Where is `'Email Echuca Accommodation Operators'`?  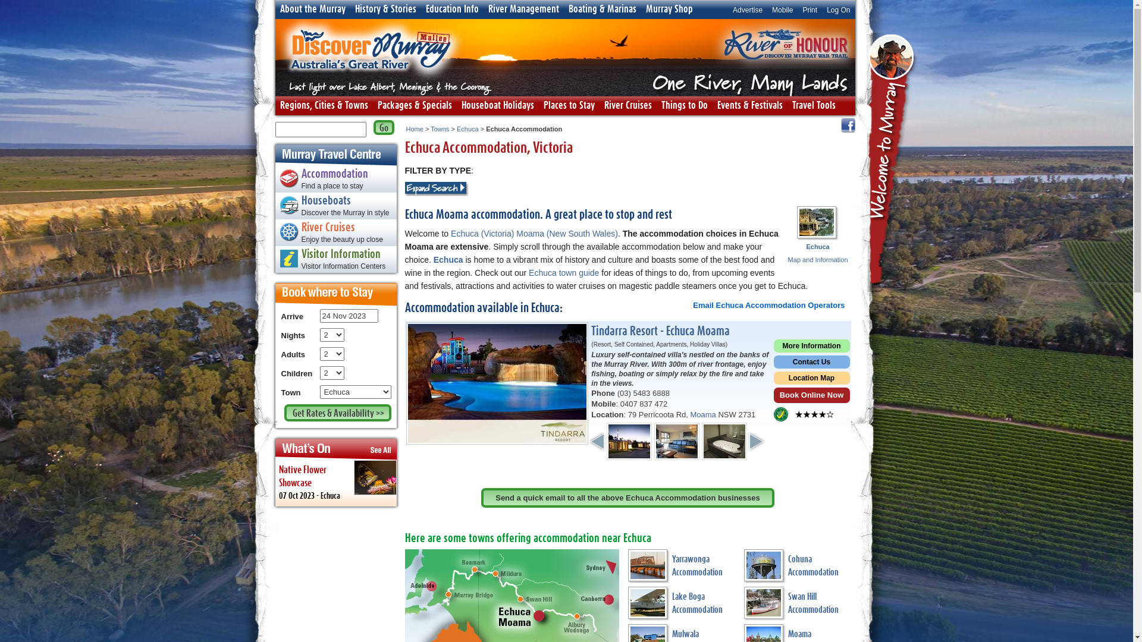 'Email Echuca Accommodation Operators' is located at coordinates (768, 304).